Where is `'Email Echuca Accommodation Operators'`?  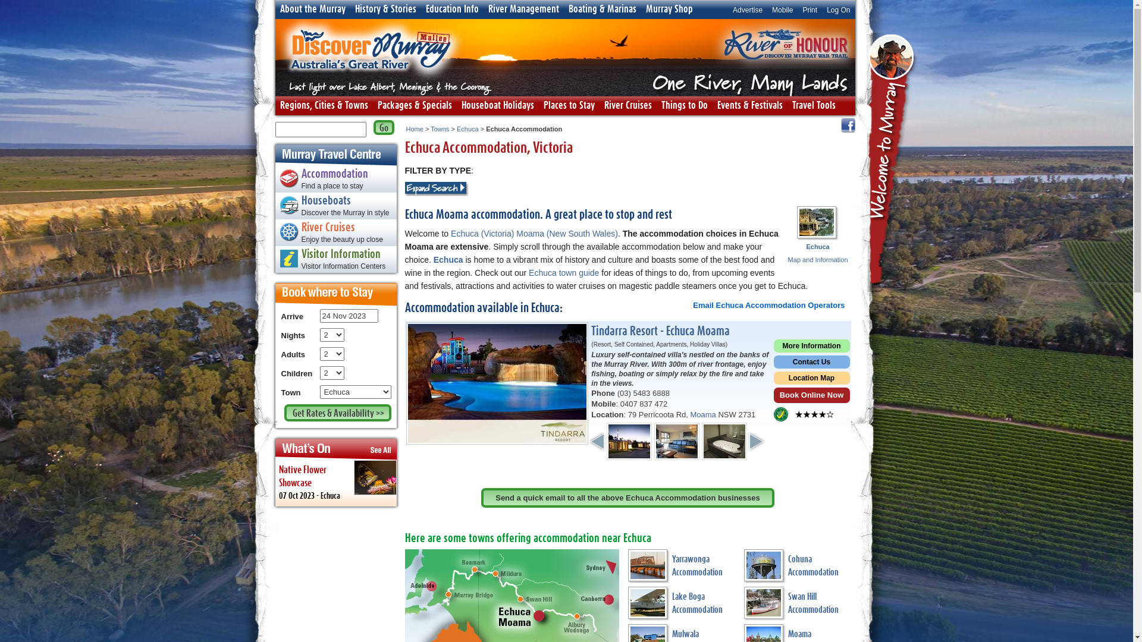 'Email Echuca Accommodation Operators' is located at coordinates (768, 304).